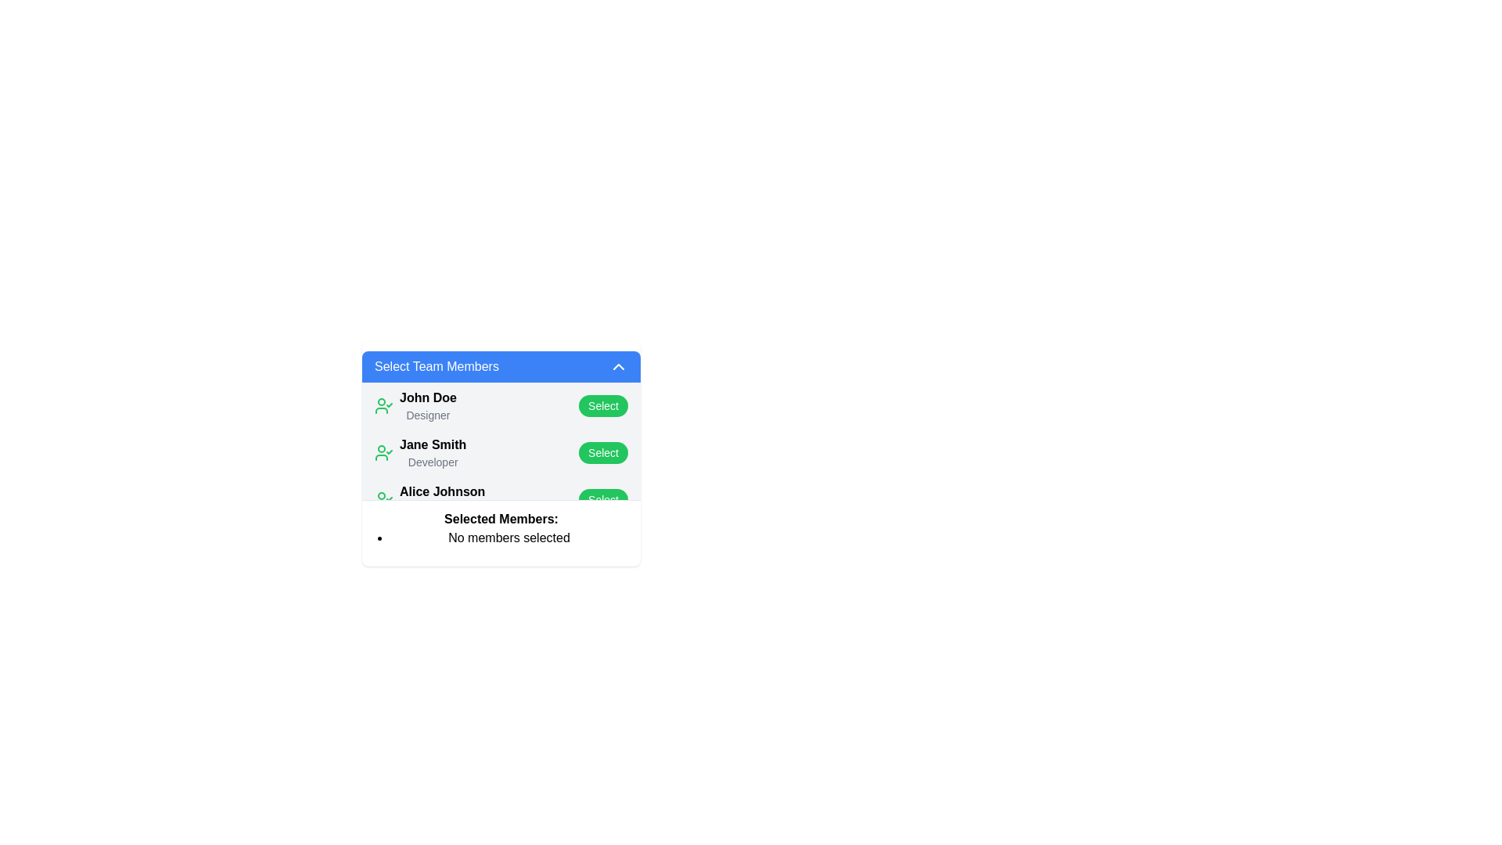 The width and height of the screenshot is (1502, 845). I want to click on text displayed in the Text Display element that shows 'No members selected' in the 'Selected Members:' section, so click(509, 537).